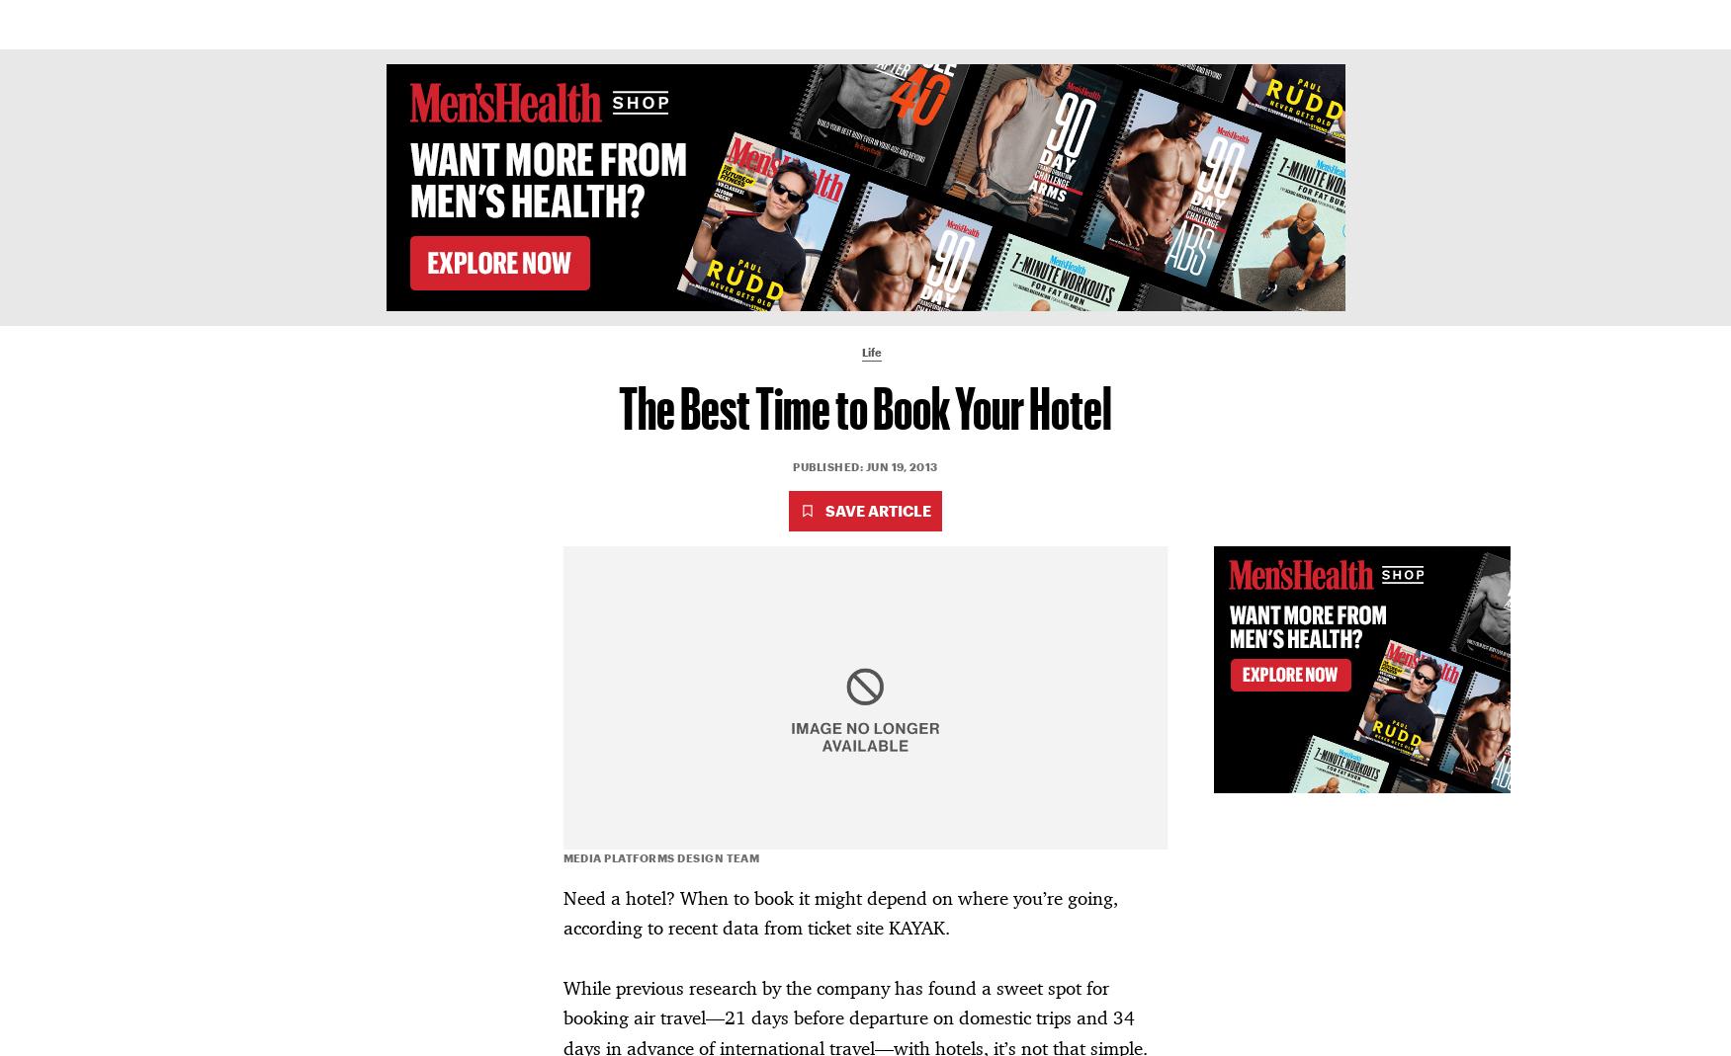 The height and width of the screenshot is (1056, 1731). Describe the element at coordinates (718, 23) in the screenshot. I see `'Fitness'` at that location.